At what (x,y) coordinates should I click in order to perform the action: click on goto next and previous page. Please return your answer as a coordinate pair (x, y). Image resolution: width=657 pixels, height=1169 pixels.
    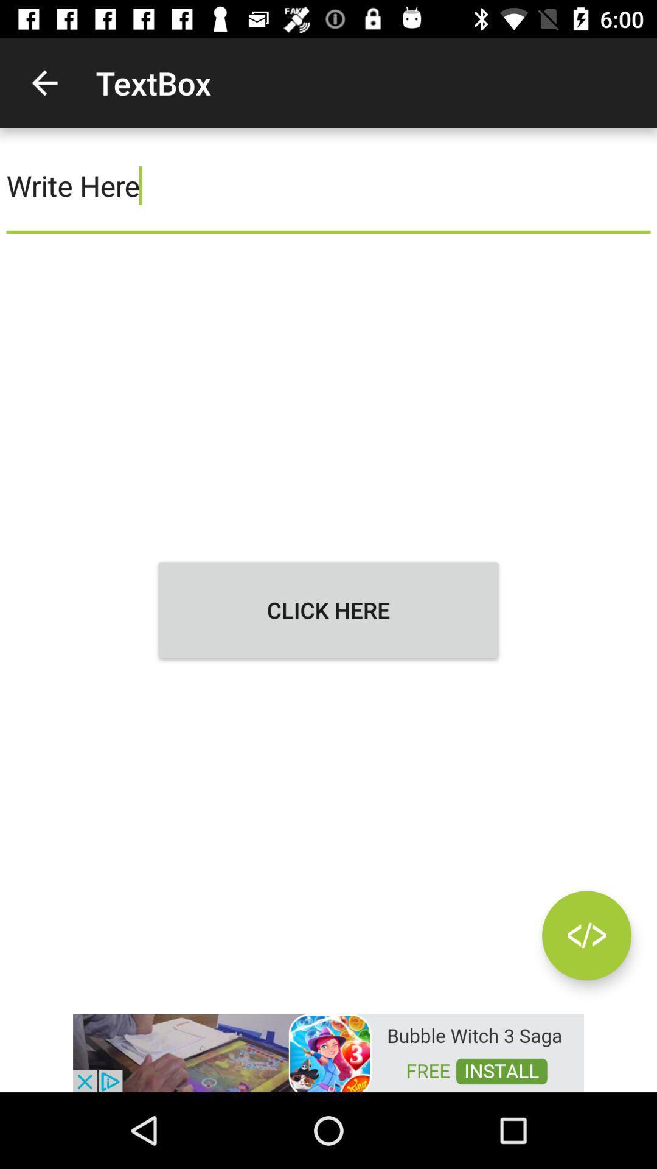
    Looking at the image, I should click on (586, 935).